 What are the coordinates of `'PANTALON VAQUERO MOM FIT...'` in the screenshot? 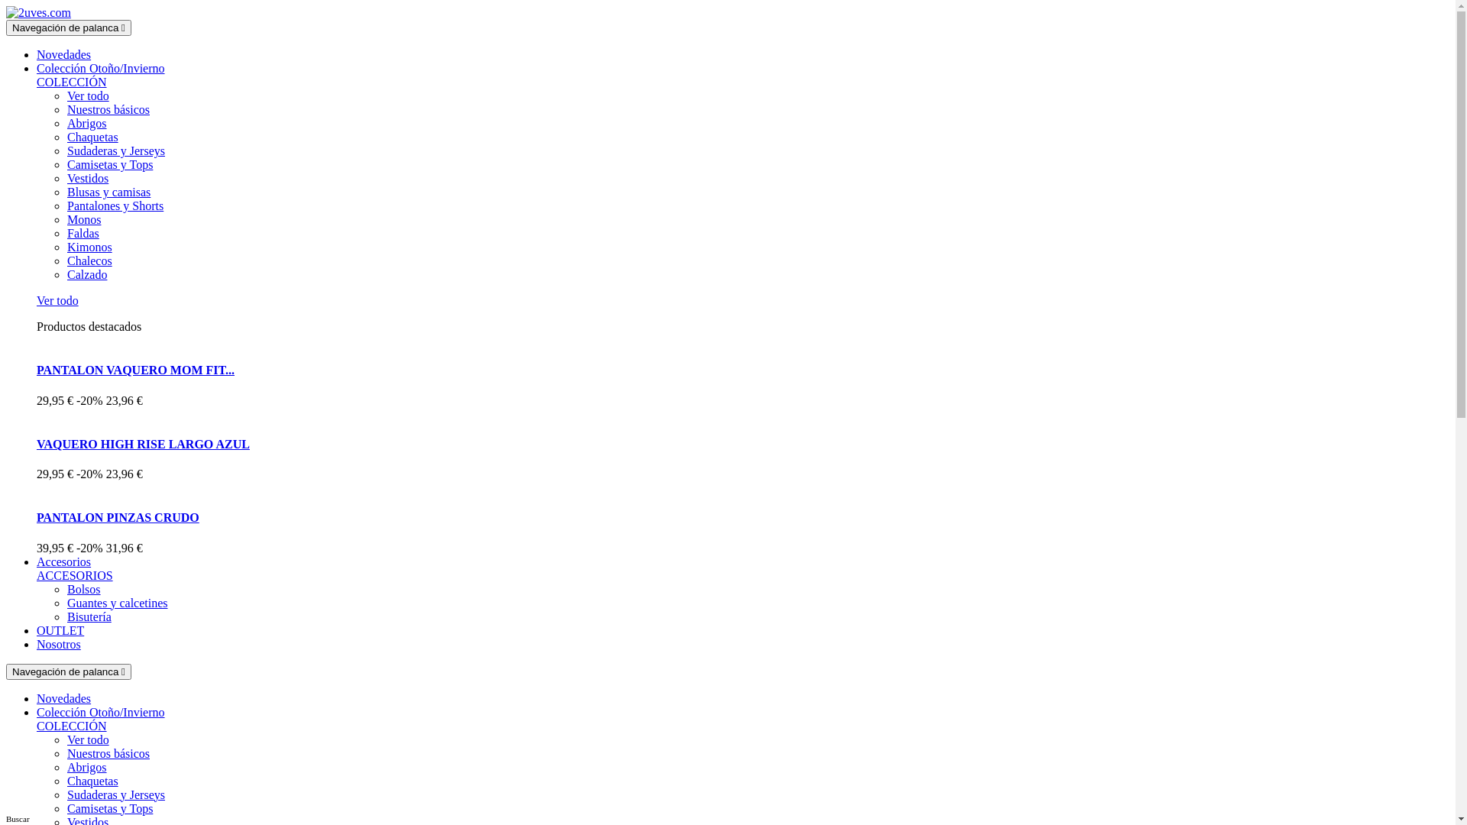 It's located at (135, 370).